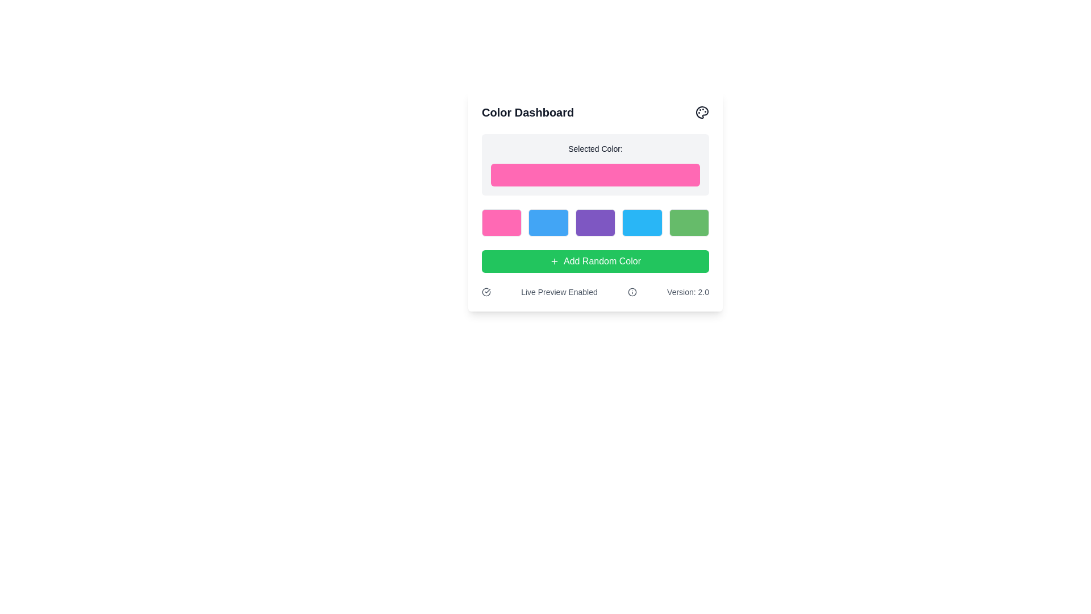 The width and height of the screenshot is (1091, 614). I want to click on the green rectangular button with rounded corners located at the bottom right of the card-like interface to get visual feedback, so click(688, 223).